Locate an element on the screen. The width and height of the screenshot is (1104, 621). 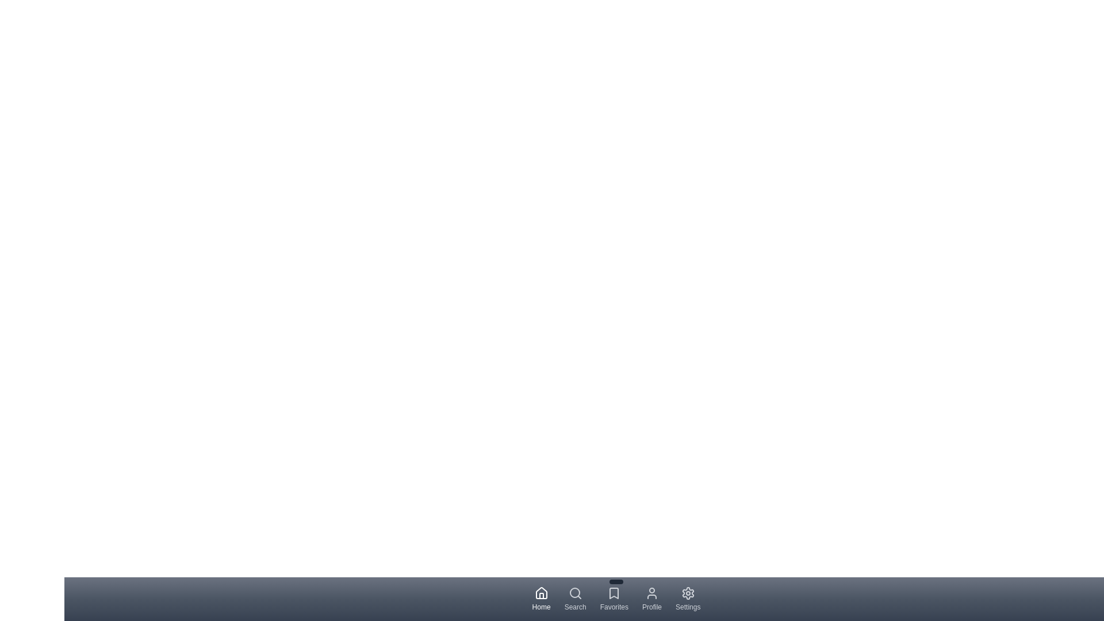
the navigation tab labeled Home to display its tooltip is located at coordinates (540, 598).